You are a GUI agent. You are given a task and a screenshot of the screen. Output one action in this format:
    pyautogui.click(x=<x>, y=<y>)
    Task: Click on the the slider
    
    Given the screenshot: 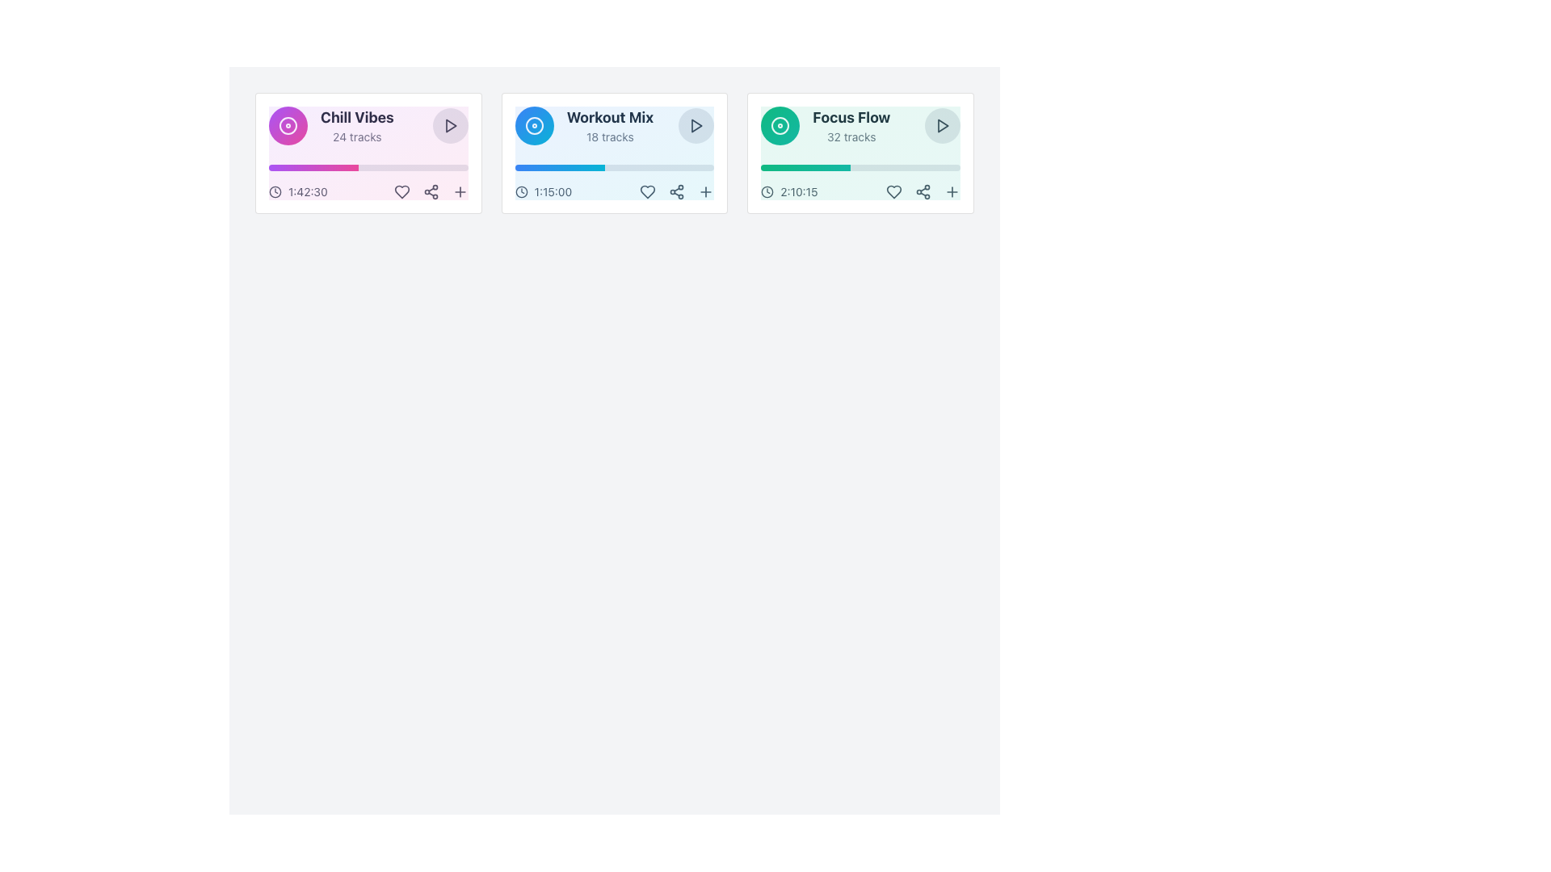 What is the action you would take?
    pyautogui.click(x=552, y=168)
    